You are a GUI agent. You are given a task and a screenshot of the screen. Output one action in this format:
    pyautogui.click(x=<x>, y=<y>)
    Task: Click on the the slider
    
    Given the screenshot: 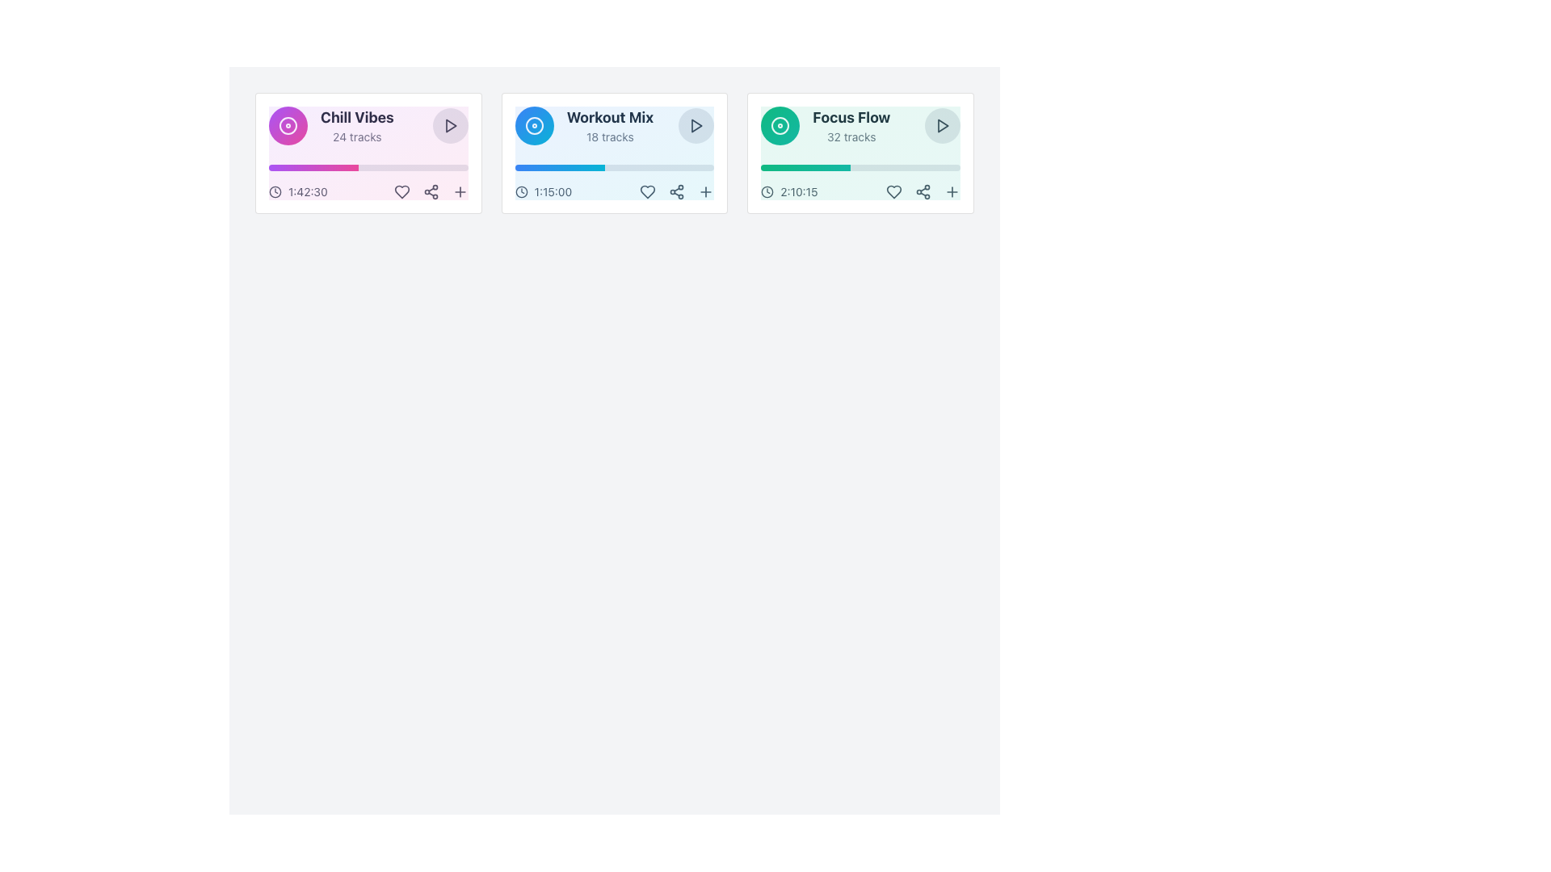 What is the action you would take?
    pyautogui.click(x=552, y=168)
    